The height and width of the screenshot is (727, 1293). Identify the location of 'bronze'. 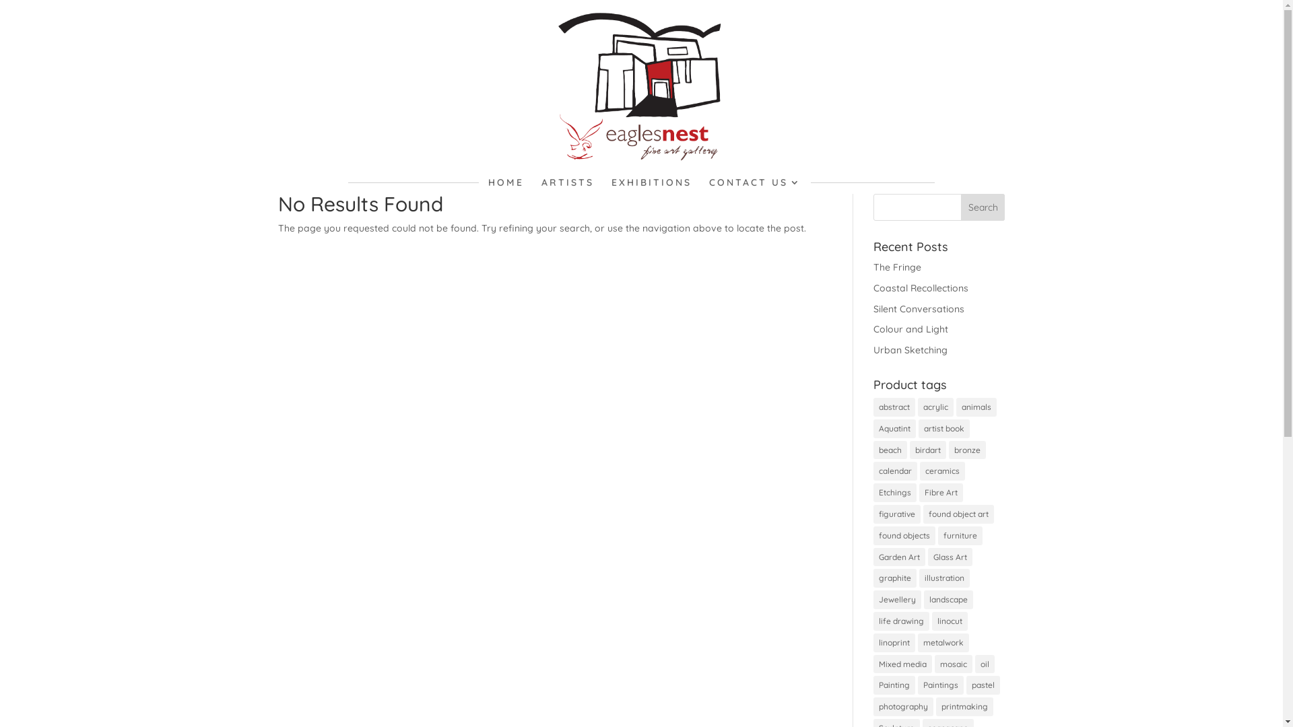
(966, 450).